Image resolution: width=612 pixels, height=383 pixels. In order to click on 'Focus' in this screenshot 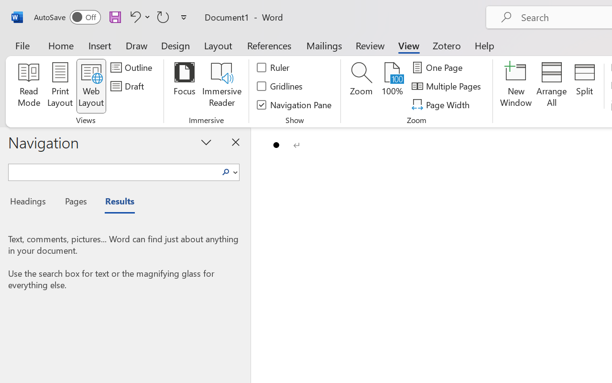, I will do `click(184, 86)`.